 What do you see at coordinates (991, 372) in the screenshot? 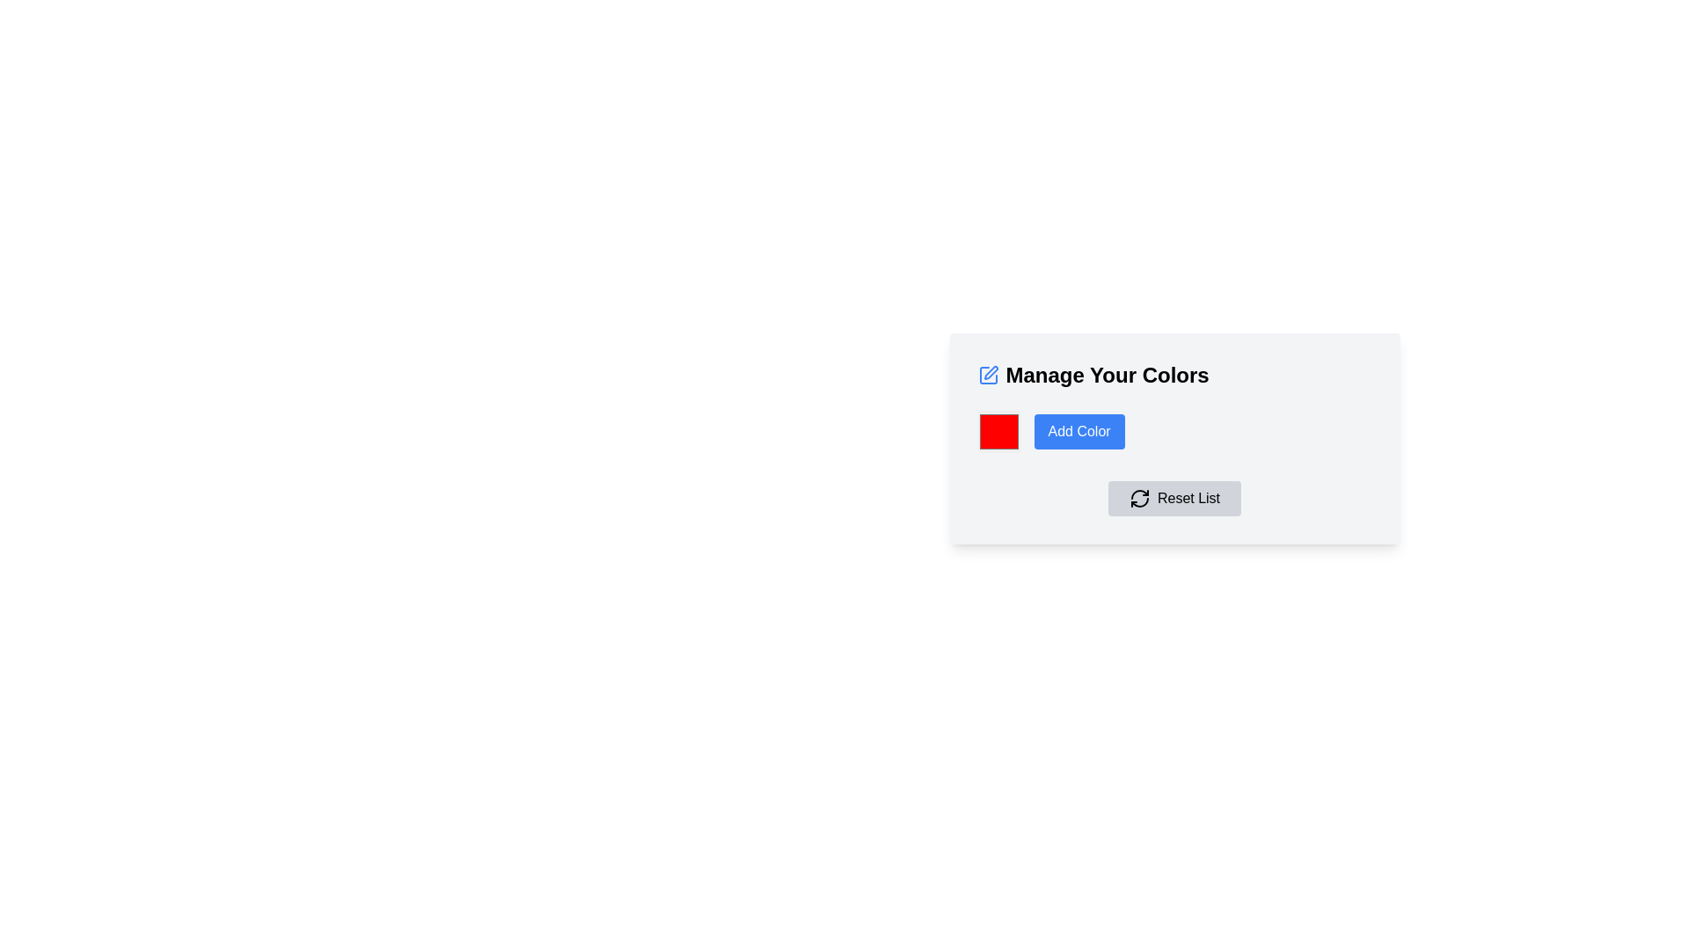
I see `the edit icon located in the upper-left portion of the 'Manage Your Colors' card, which serves as a visual indicator for modification features` at bounding box center [991, 372].